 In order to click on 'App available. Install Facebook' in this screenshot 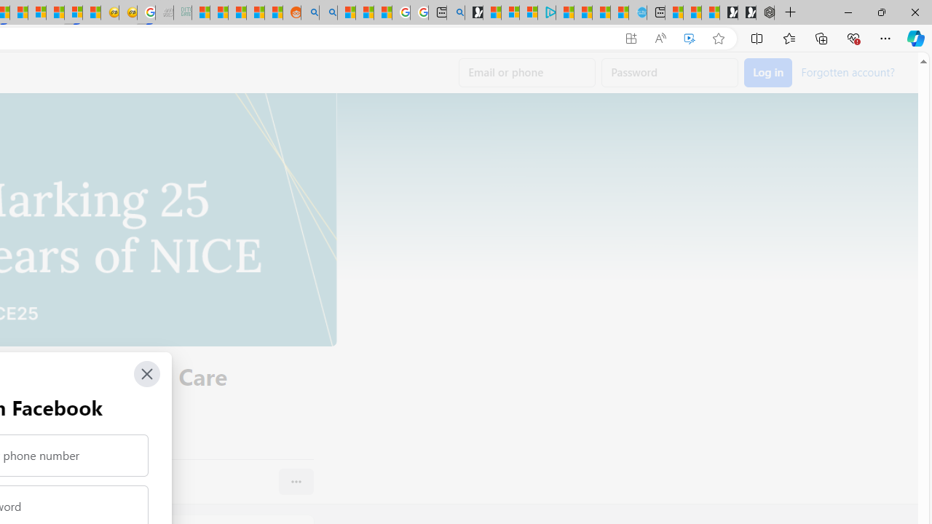, I will do `click(631, 38)`.